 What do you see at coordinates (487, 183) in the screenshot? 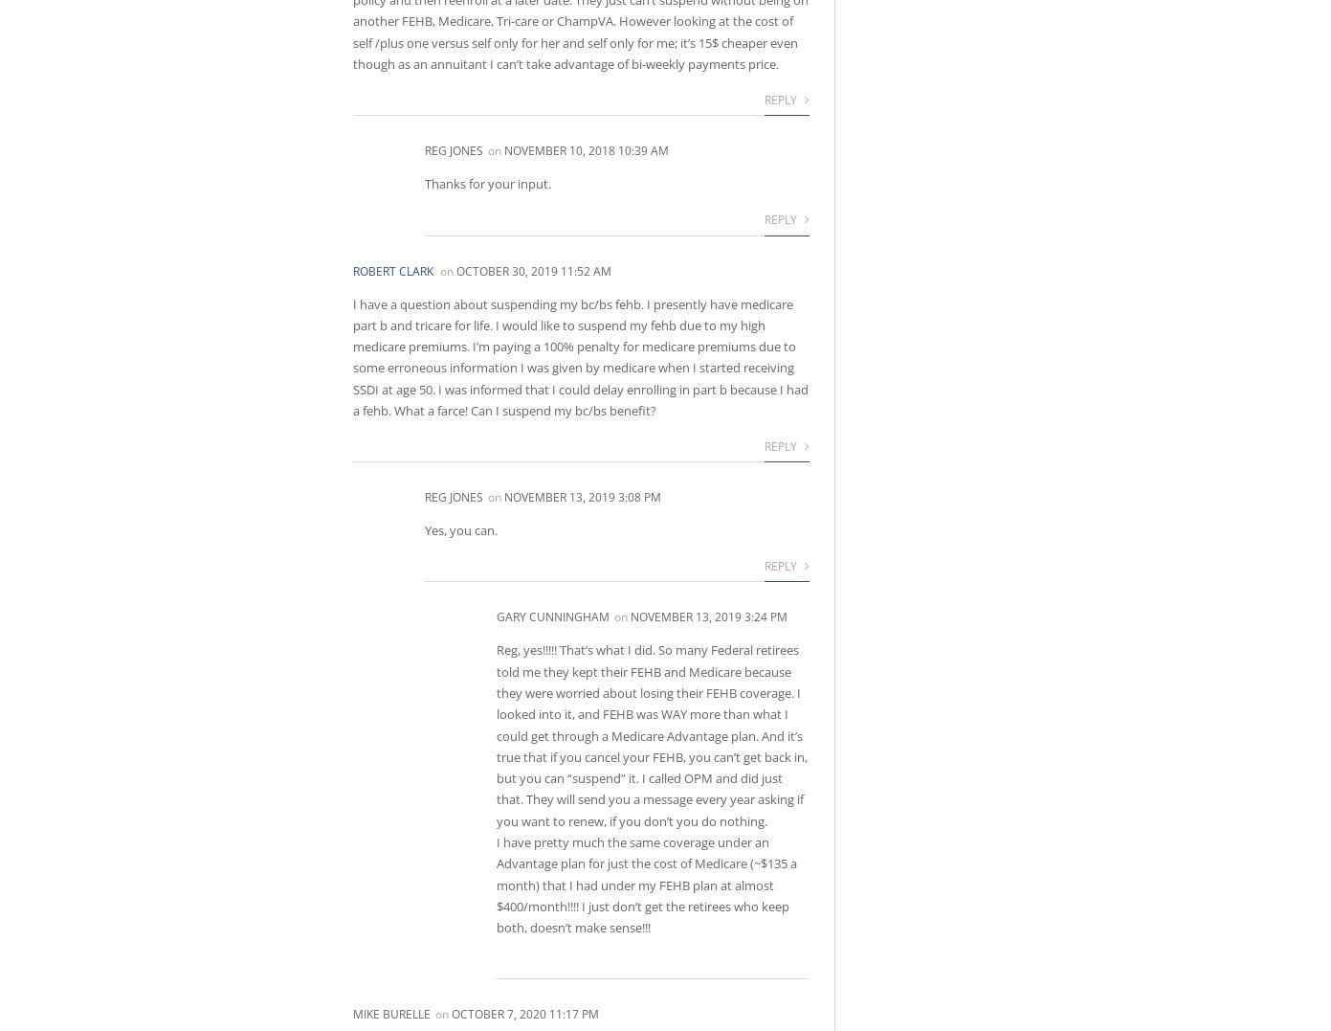
I see `'Thanks for your input.'` at bounding box center [487, 183].